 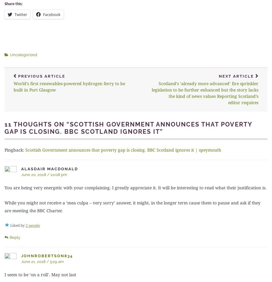 I want to click on 'June 20, 2018 / 10:08 pm', so click(x=44, y=174).